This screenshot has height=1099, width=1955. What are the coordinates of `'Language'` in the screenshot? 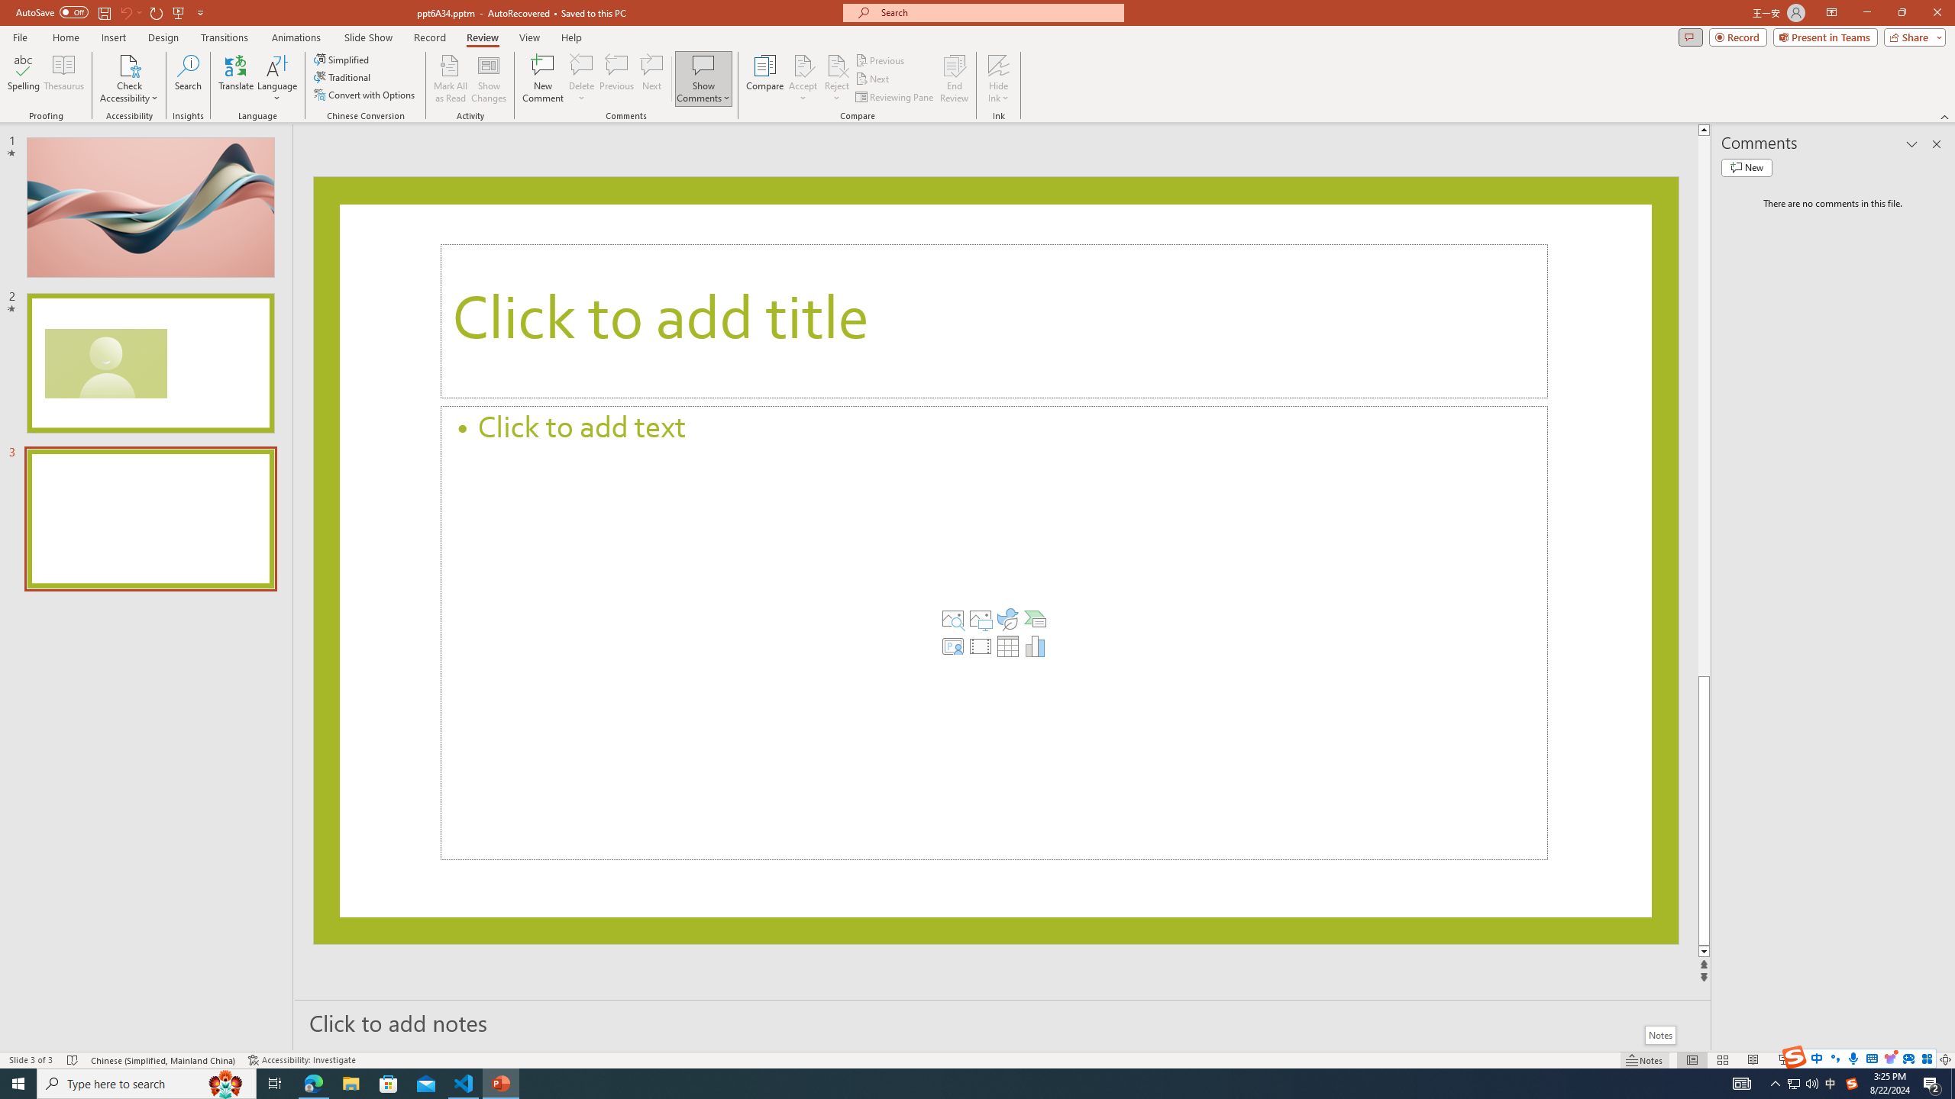 It's located at (276, 79).